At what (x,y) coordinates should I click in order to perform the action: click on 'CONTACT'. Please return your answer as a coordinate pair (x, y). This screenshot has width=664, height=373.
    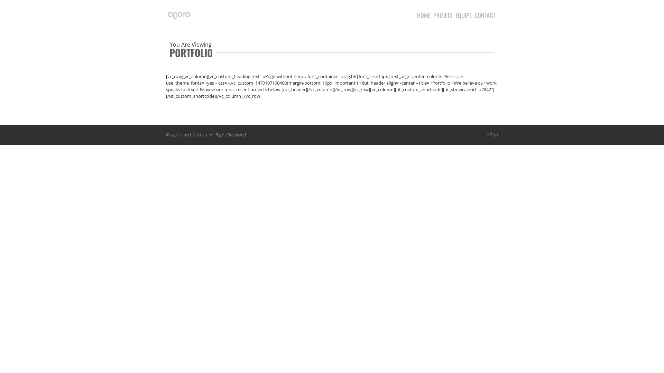
    Looking at the image, I should click on (486, 15).